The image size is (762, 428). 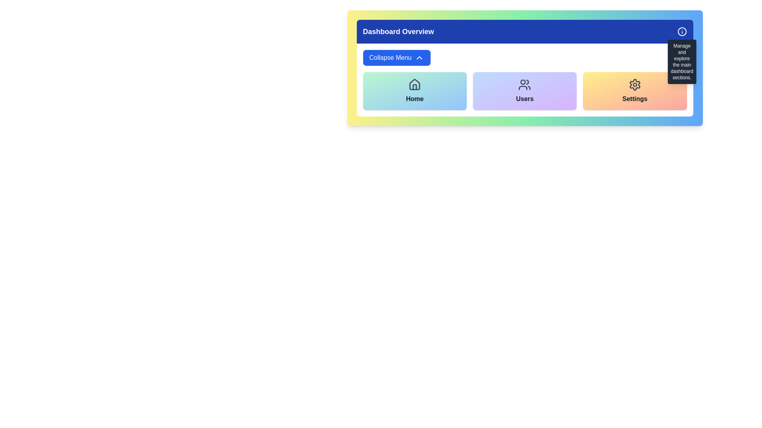 I want to click on the text label identifying the 'Home' section of the dashboard, which is located in the lower portion of a card and is the first among similar labels adjacent to 'Users' and 'Settings', so click(x=414, y=99).